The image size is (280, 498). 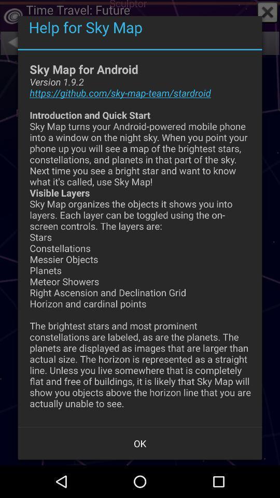 I want to click on ok item, so click(x=140, y=442).